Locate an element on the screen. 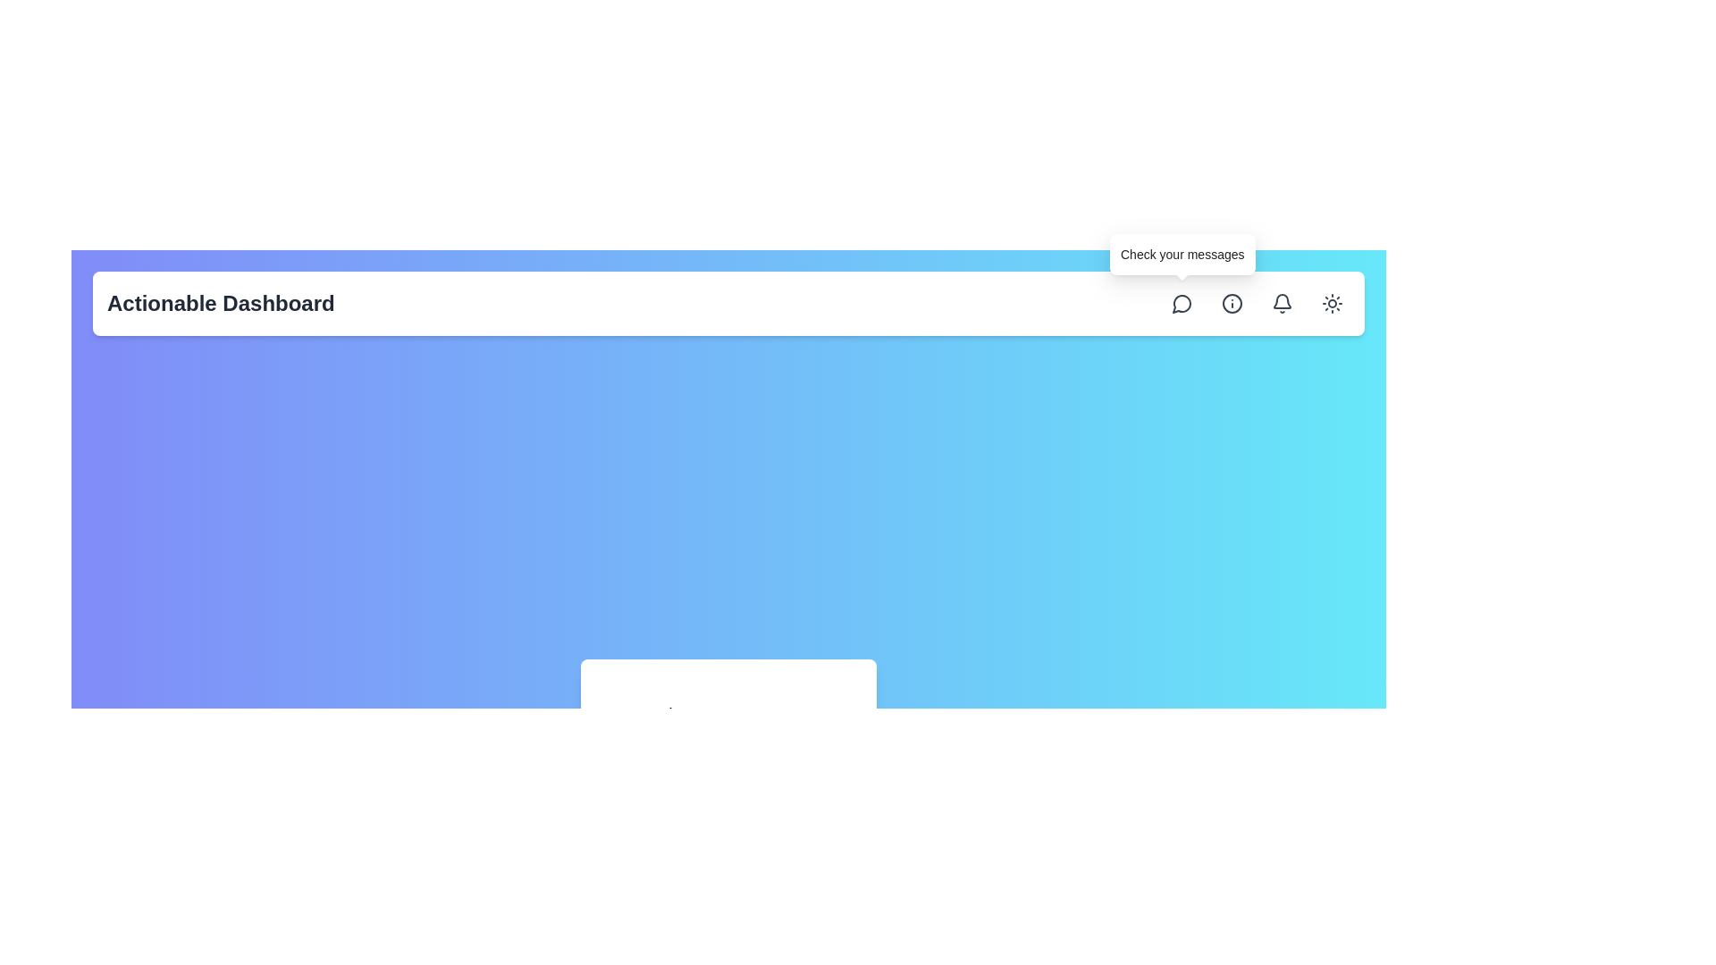 The image size is (1716, 965). the circular notification bell button located is located at coordinates (1282, 302).